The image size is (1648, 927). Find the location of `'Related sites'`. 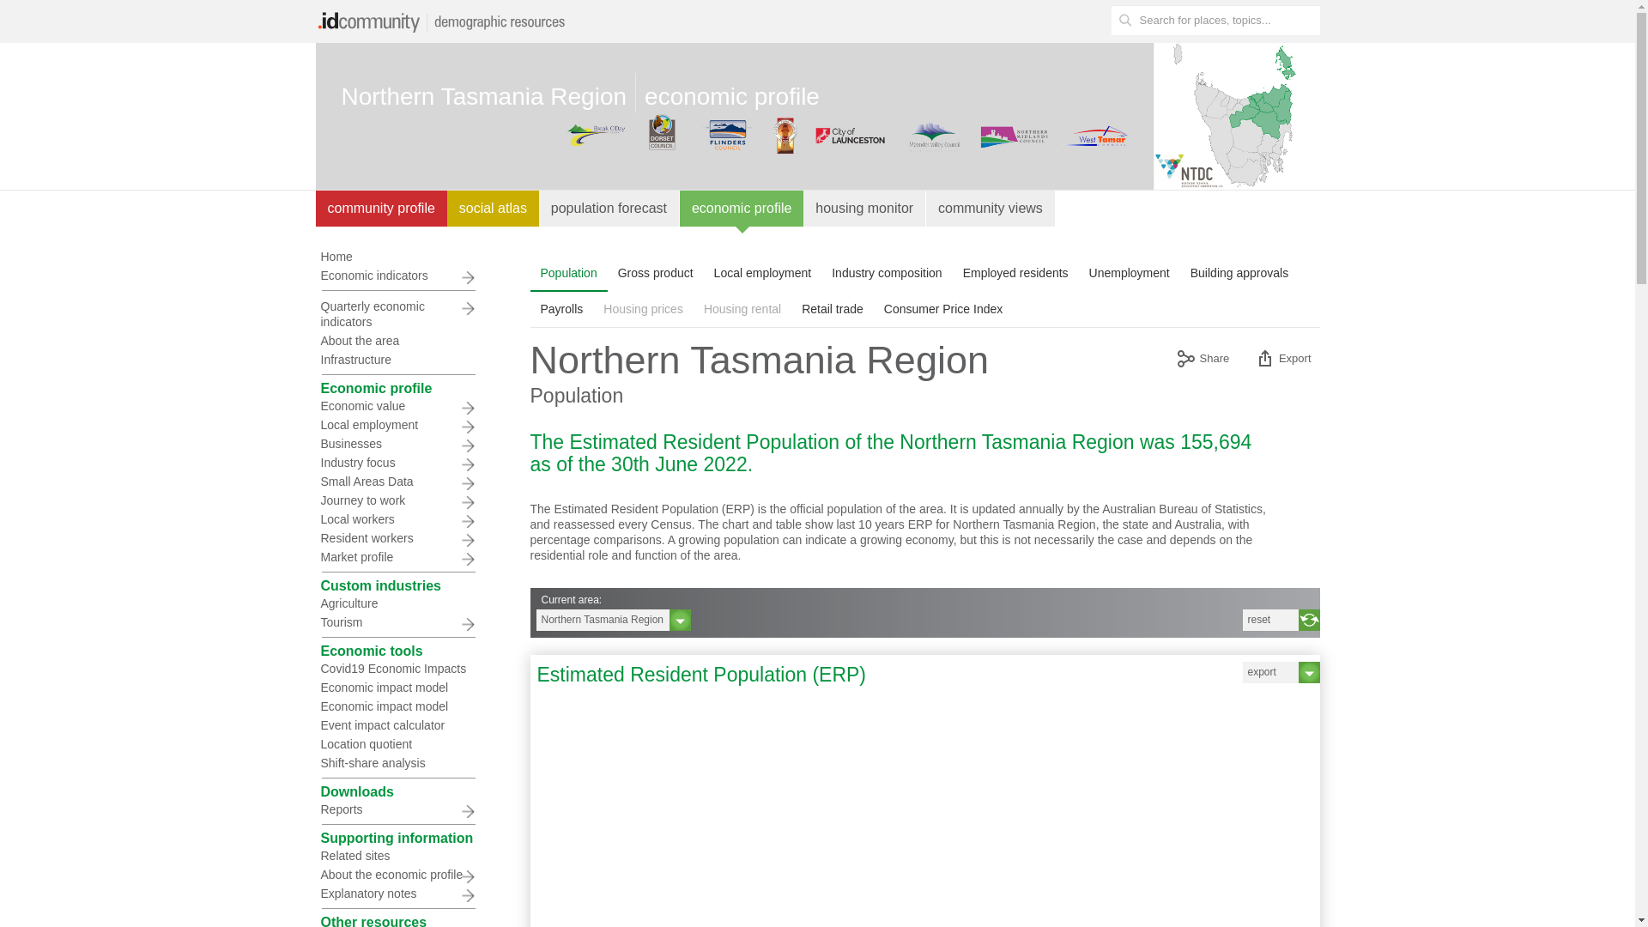

'Related sites' is located at coordinates (396, 855).